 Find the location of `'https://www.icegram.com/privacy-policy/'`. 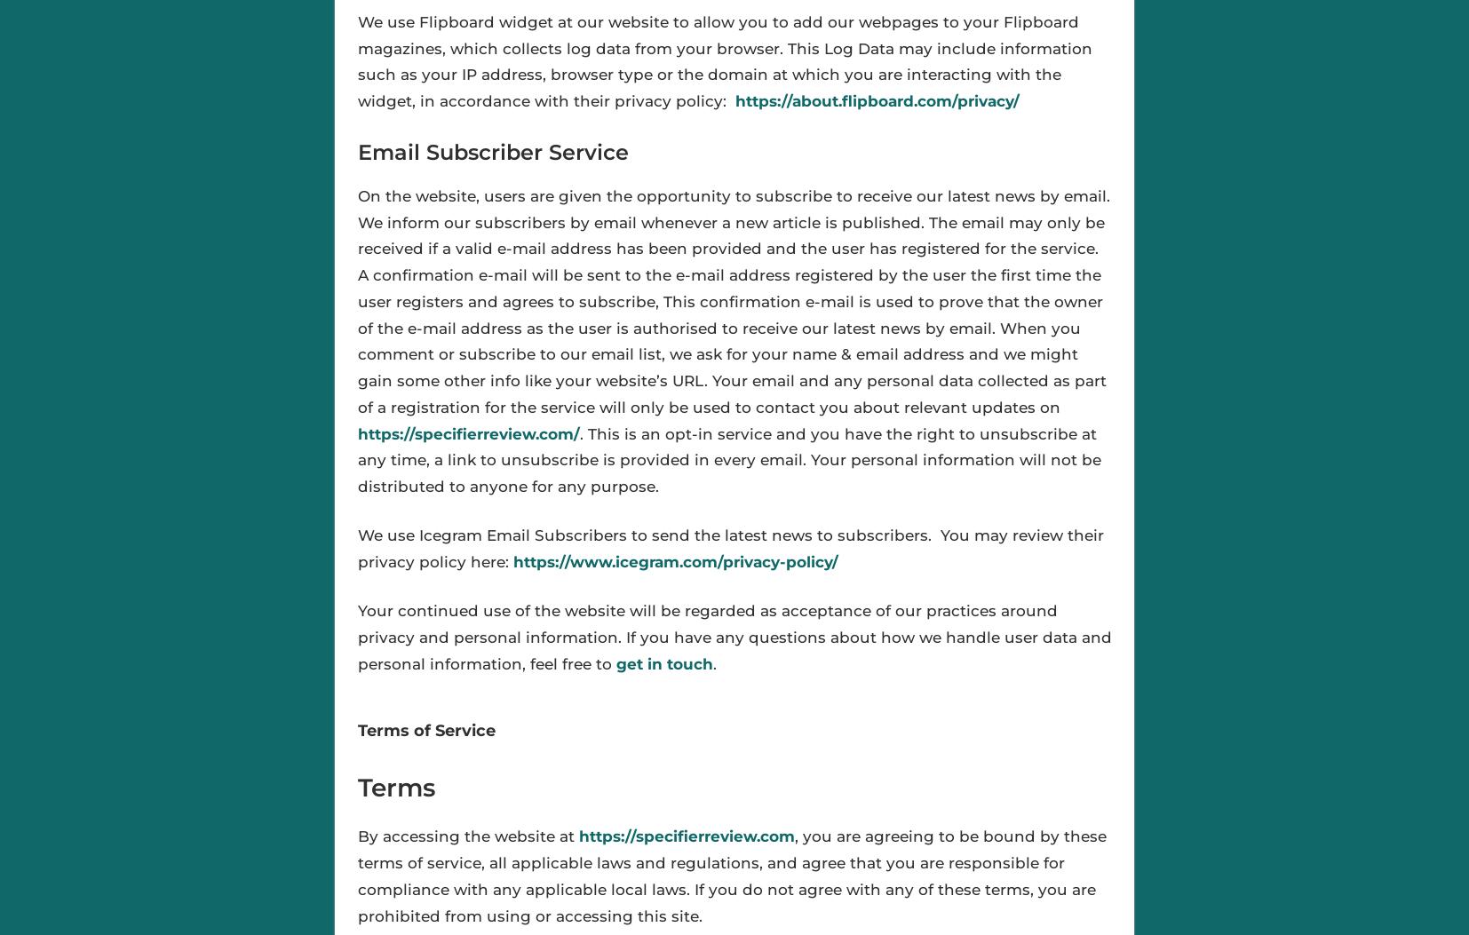

'https://www.icegram.com/privacy-policy/' is located at coordinates (675, 560).